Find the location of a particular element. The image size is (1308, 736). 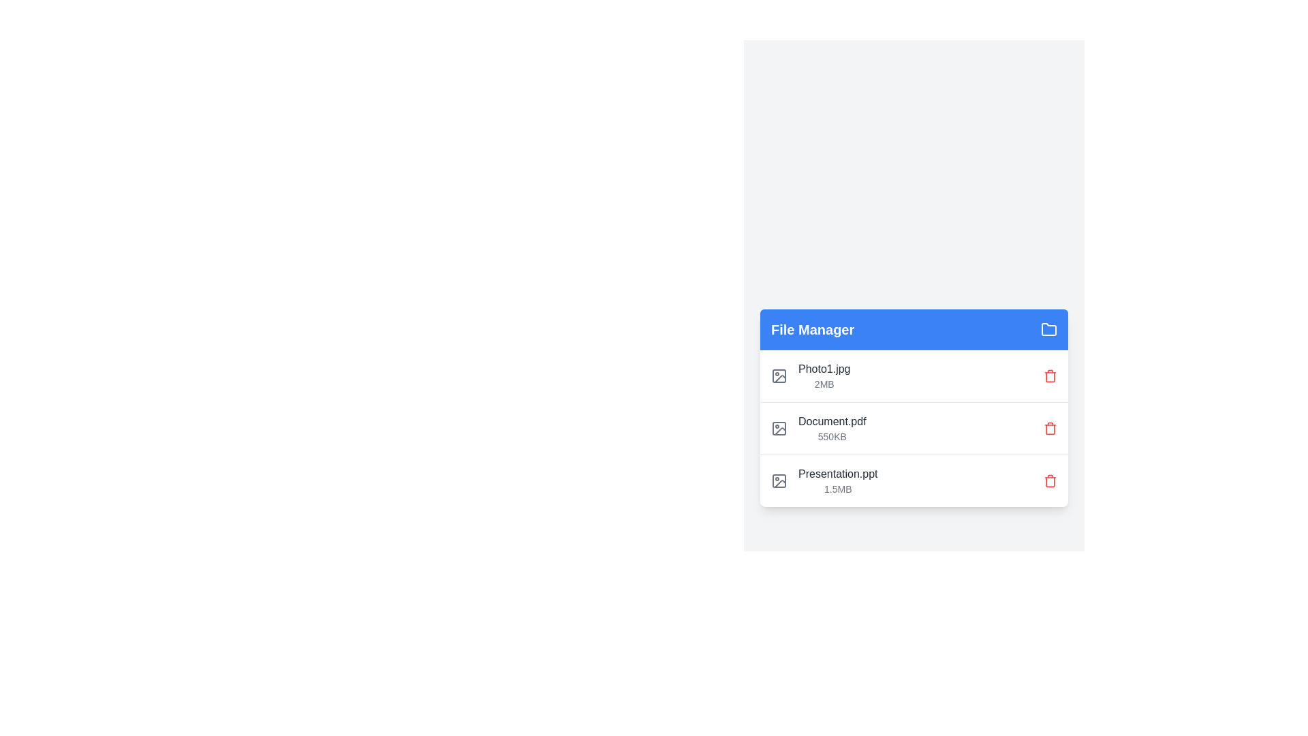

the second list item in the File Manager displaying 'Document.pdf' is located at coordinates (914, 427).